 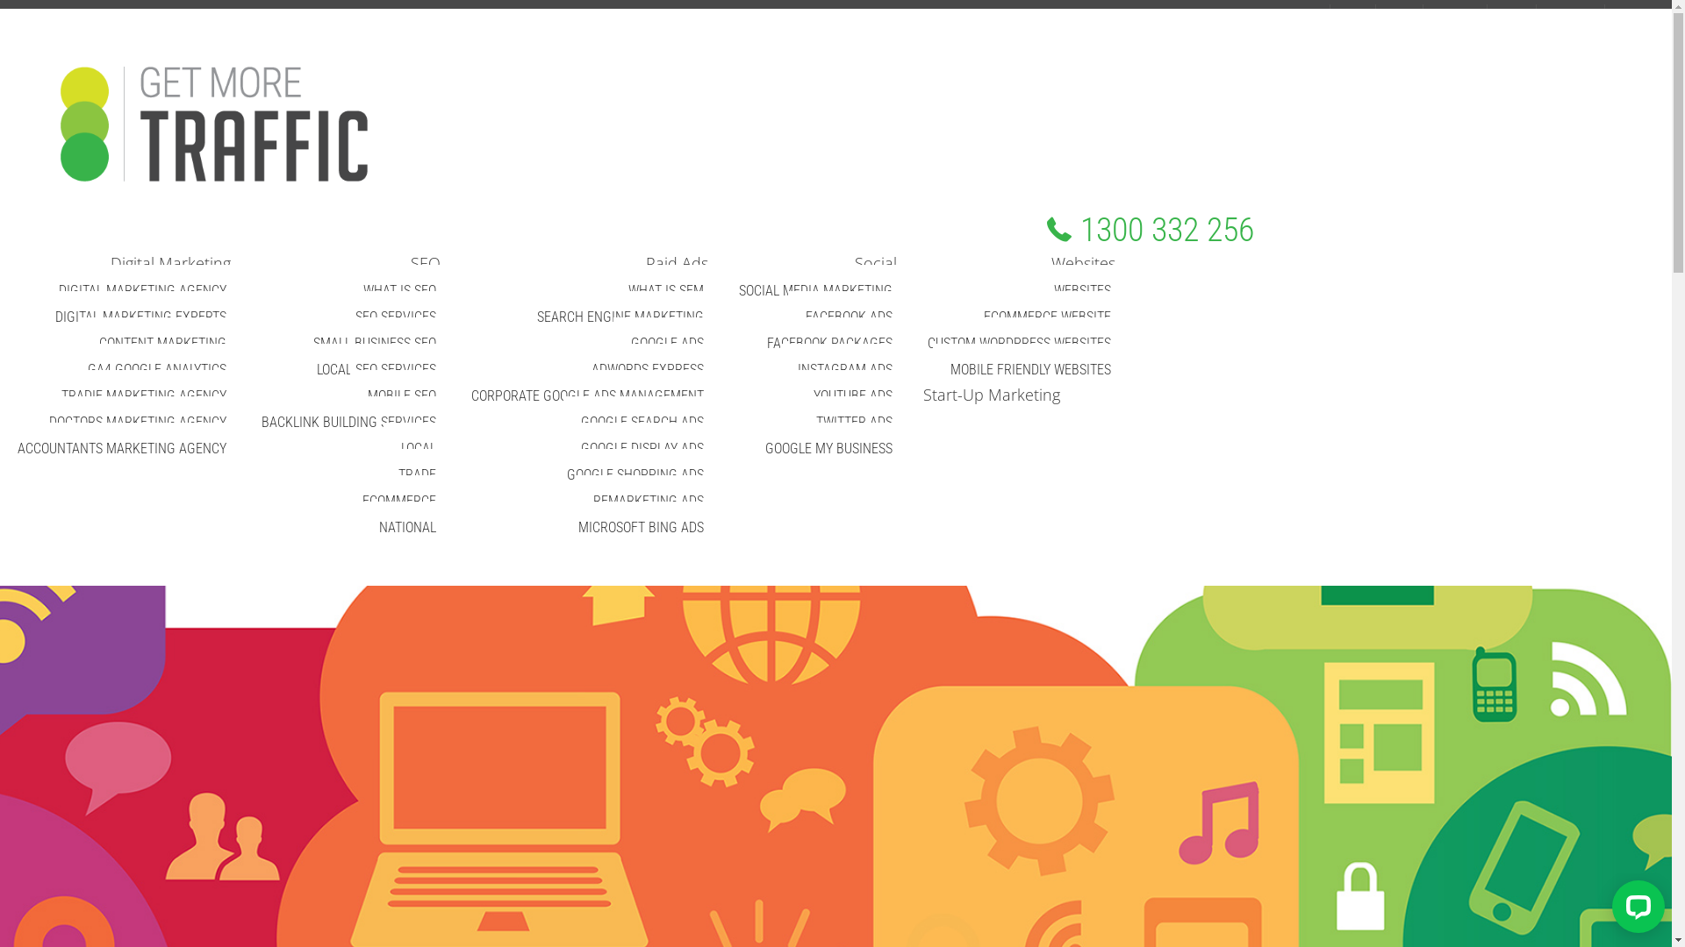 I want to click on 'WHAT IS SEM', so click(x=611, y=289).